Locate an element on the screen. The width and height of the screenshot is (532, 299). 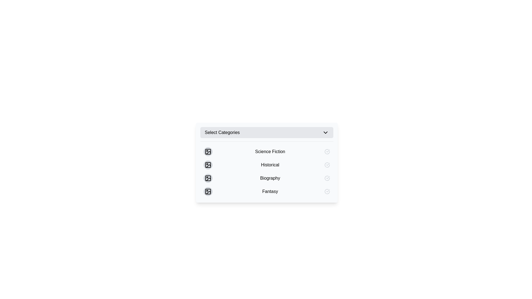
the icon that confirms or selects the category 'Science Fiction', located at the end of the row labeled 'Science Fiction' is located at coordinates (327, 151).